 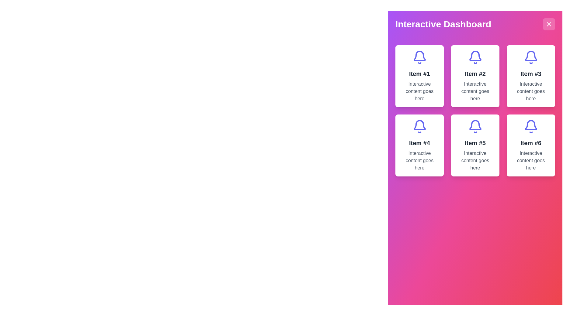 I want to click on the close button located at the top-right corner of the 'Interactive Dashboard' panel, so click(x=549, y=24).